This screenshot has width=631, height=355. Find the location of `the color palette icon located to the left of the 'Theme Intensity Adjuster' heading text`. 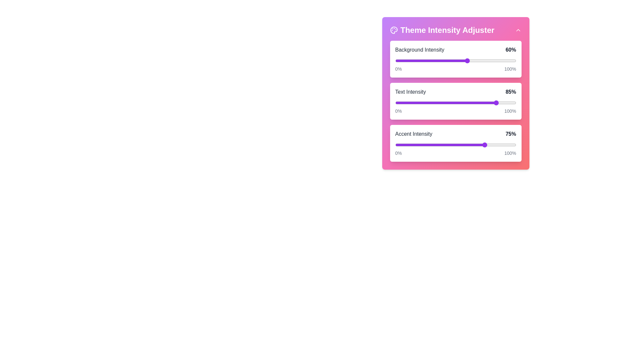

the color palette icon located to the left of the 'Theme Intensity Adjuster' heading text is located at coordinates (394, 30).